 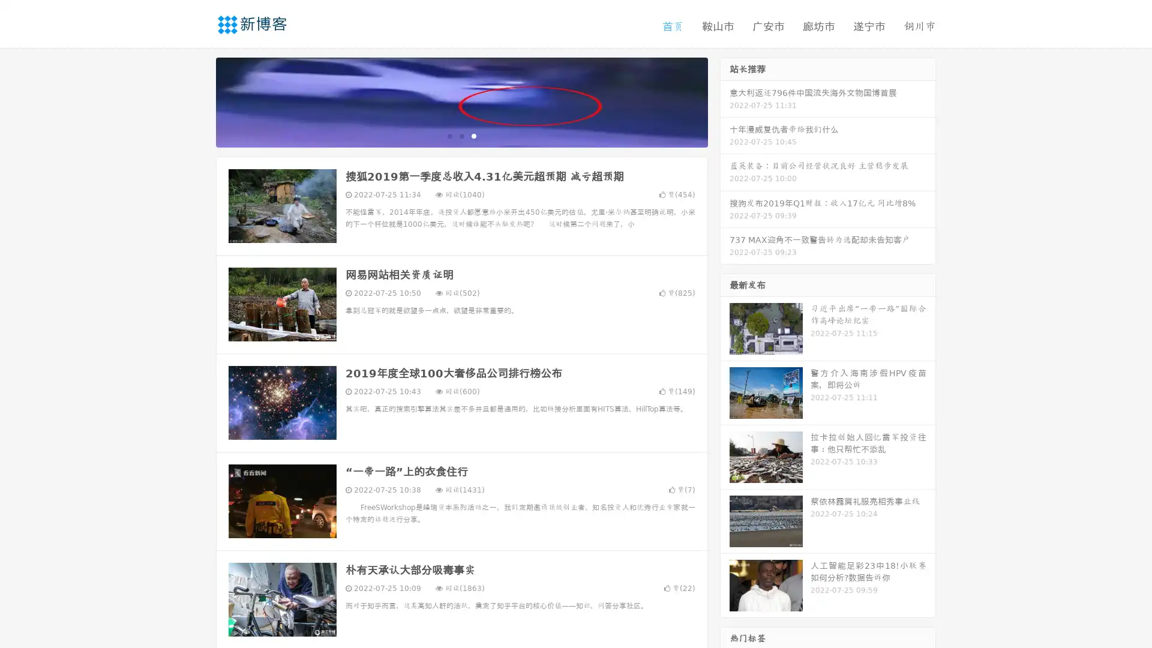 I want to click on Go to slide 1, so click(x=449, y=135).